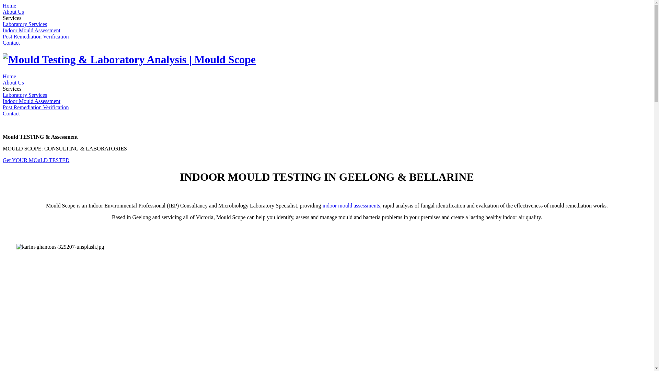  I want to click on 'Get YOUR MOuLD TESTED', so click(36, 160).